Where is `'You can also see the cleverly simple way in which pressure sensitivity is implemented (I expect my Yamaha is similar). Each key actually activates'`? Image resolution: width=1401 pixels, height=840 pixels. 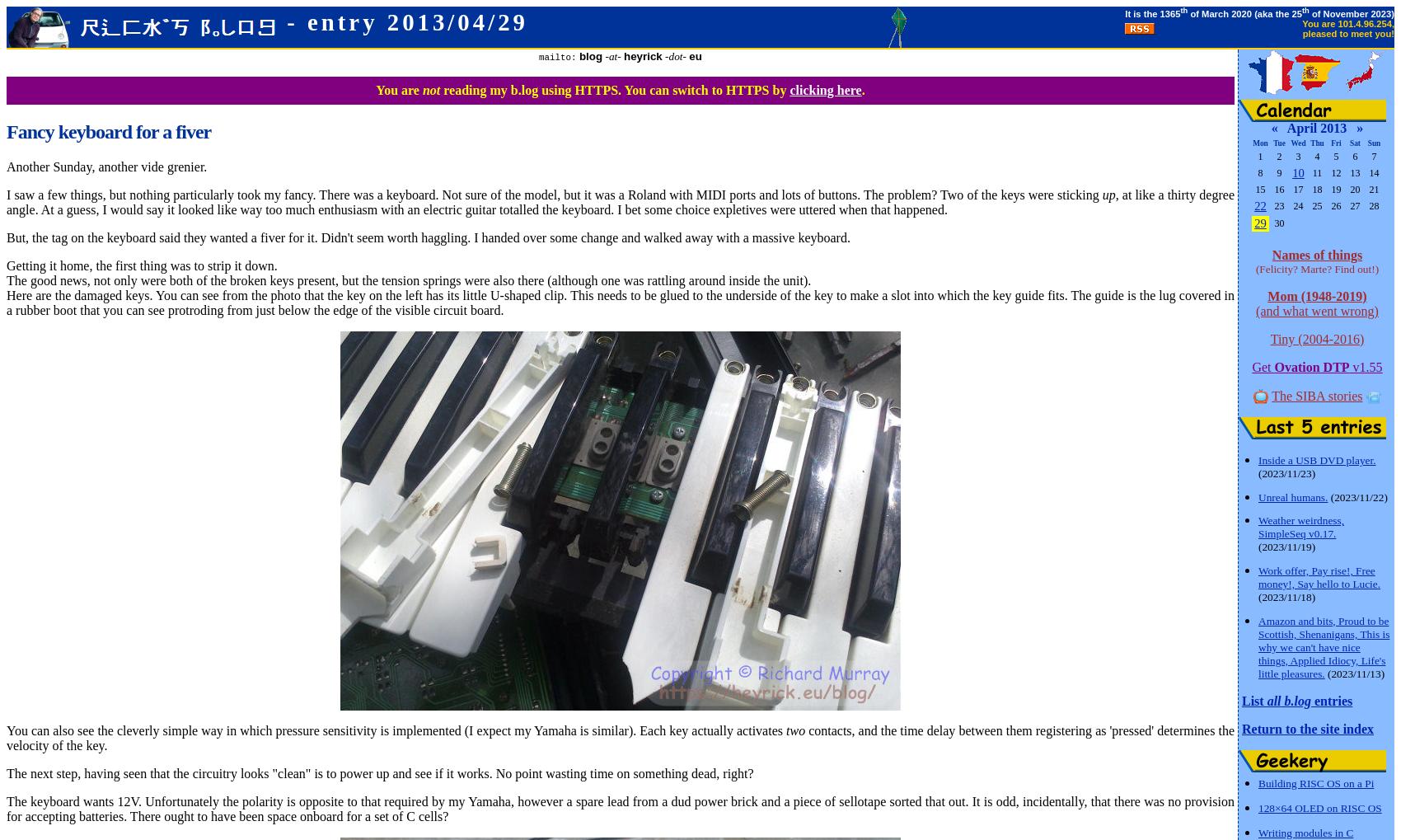
'You can also see the cleverly simple way in which pressure sensitivity is implemented (I expect my Yamaha is similar). Each key actually activates' is located at coordinates (396, 730).